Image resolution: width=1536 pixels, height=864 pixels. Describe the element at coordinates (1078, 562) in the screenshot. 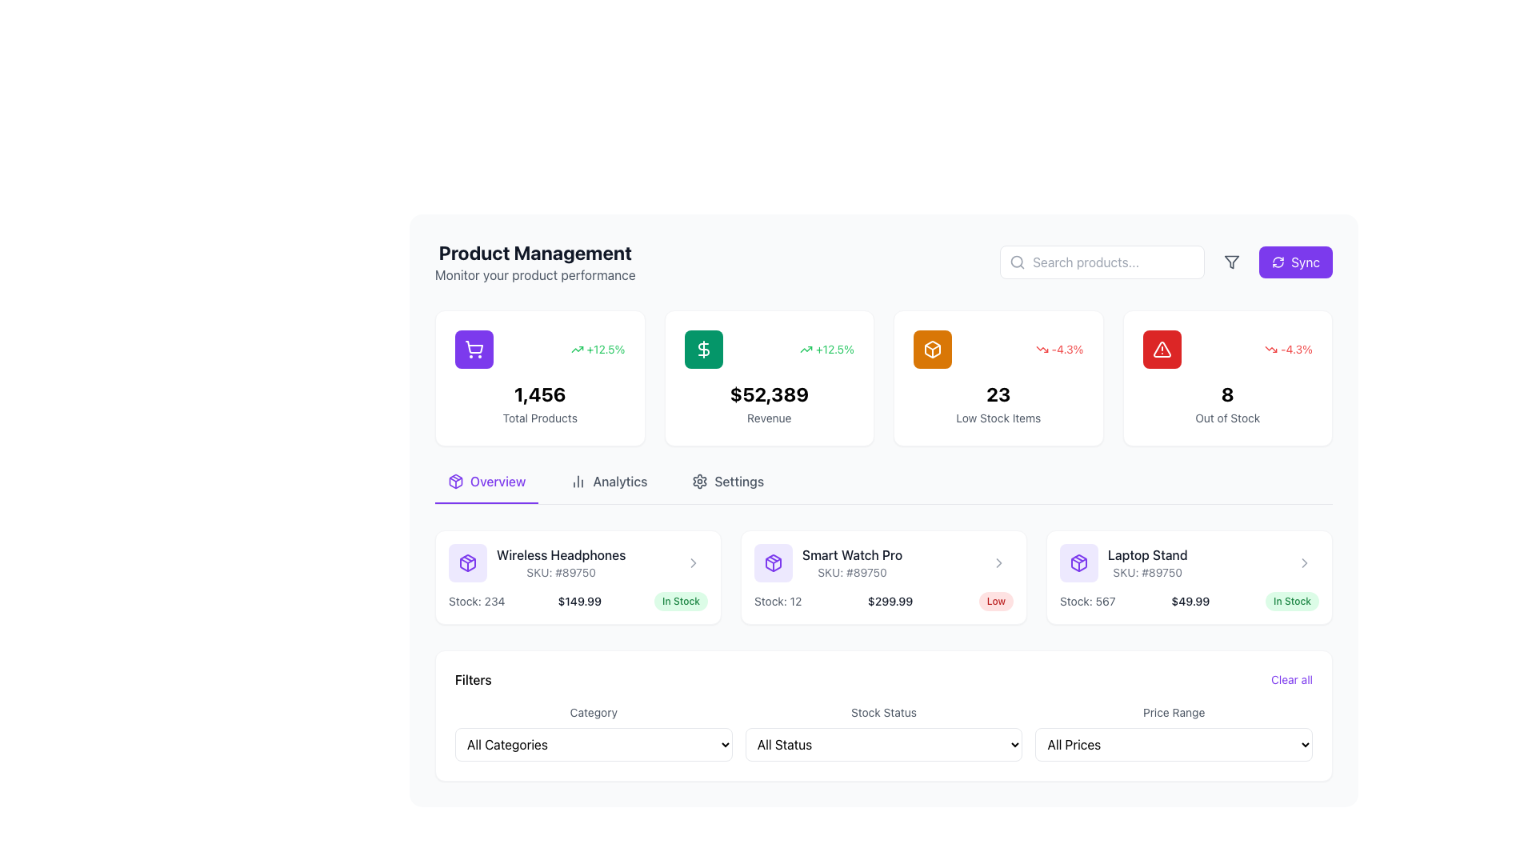

I see `the square icon with a violet background` at that location.